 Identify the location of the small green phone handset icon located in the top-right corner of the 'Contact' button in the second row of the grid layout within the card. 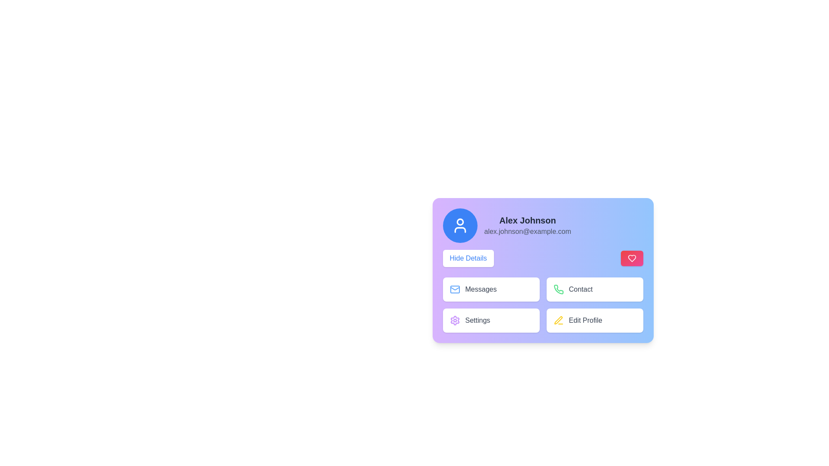
(558, 290).